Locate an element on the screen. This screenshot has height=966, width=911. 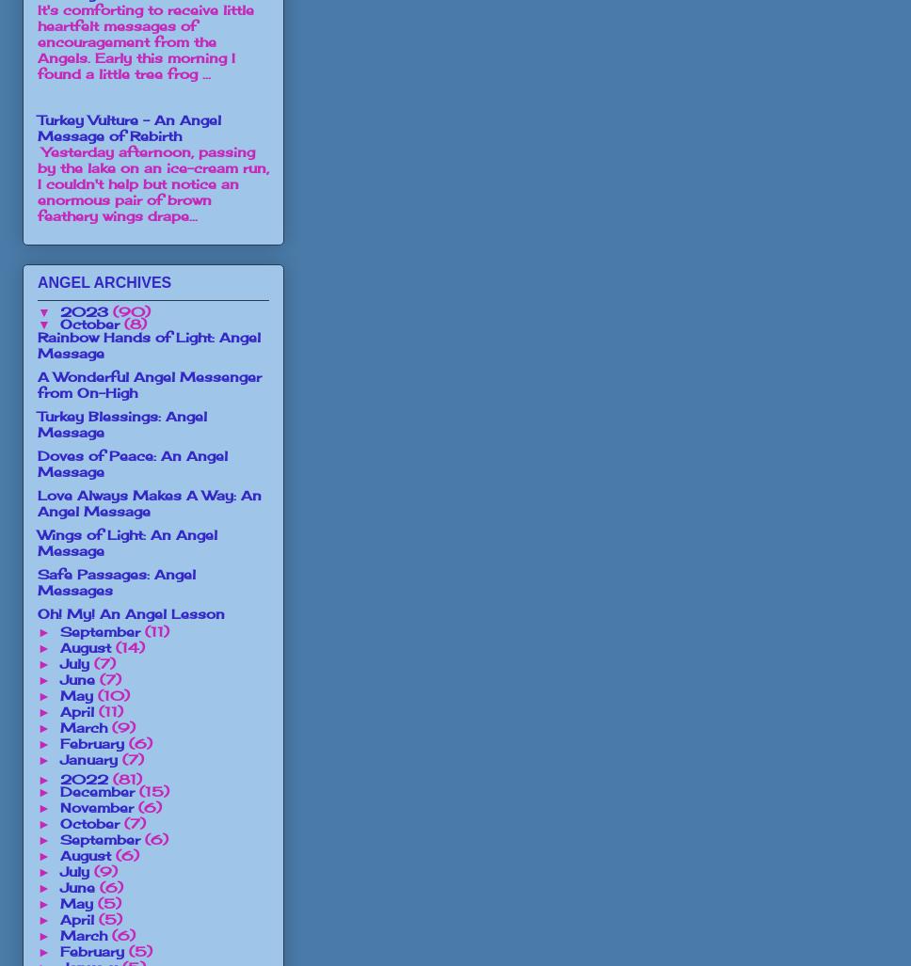
'(81)' is located at coordinates (125, 778).